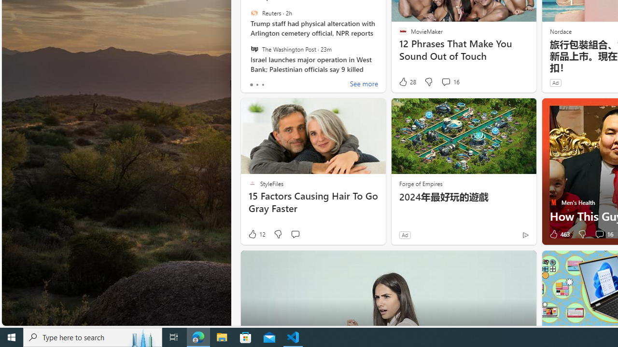 The image size is (618, 347). What do you see at coordinates (525, 235) in the screenshot?
I see `'Ad Choice'` at bounding box center [525, 235].